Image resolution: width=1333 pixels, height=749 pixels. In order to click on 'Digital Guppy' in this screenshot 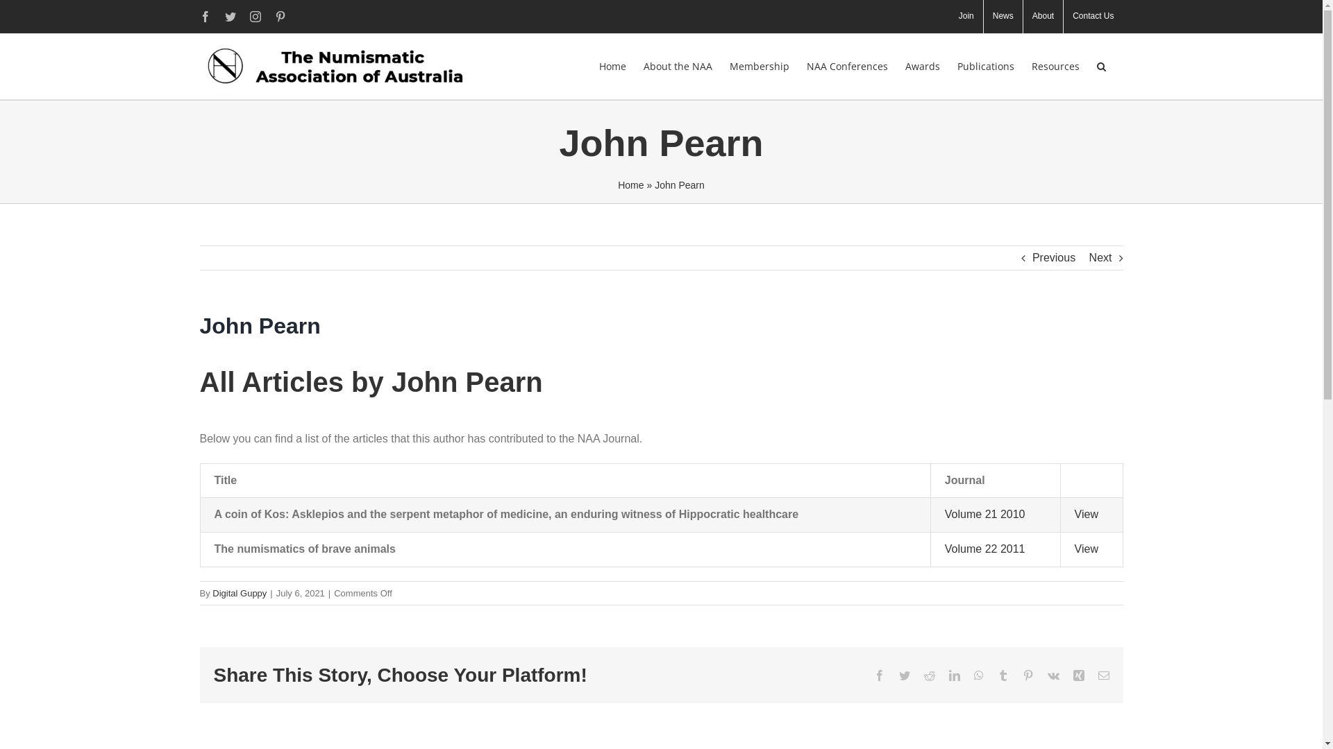, I will do `click(212, 593)`.